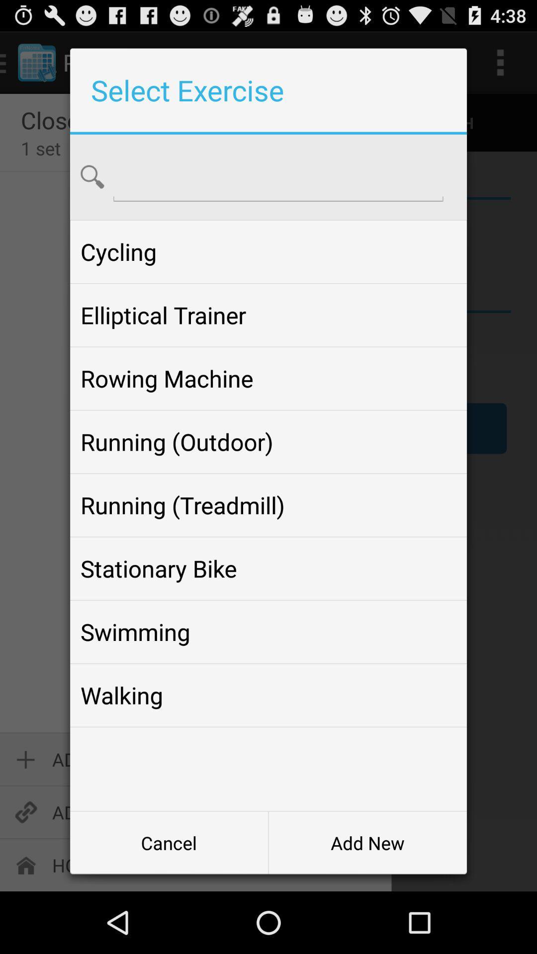 The width and height of the screenshot is (537, 954). What do you see at coordinates (268, 695) in the screenshot?
I see `the icon above cancel button` at bounding box center [268, 695].